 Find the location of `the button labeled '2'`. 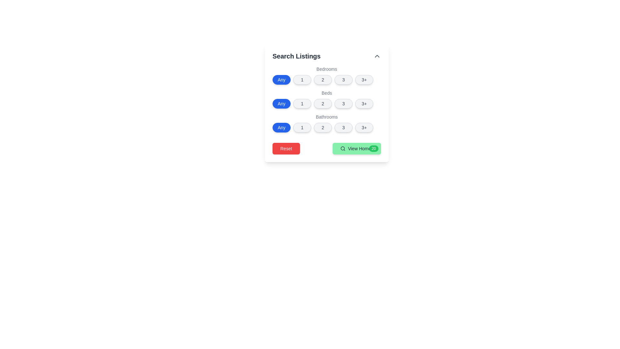

the button labeled '2' is located at coordinates (323, 127).